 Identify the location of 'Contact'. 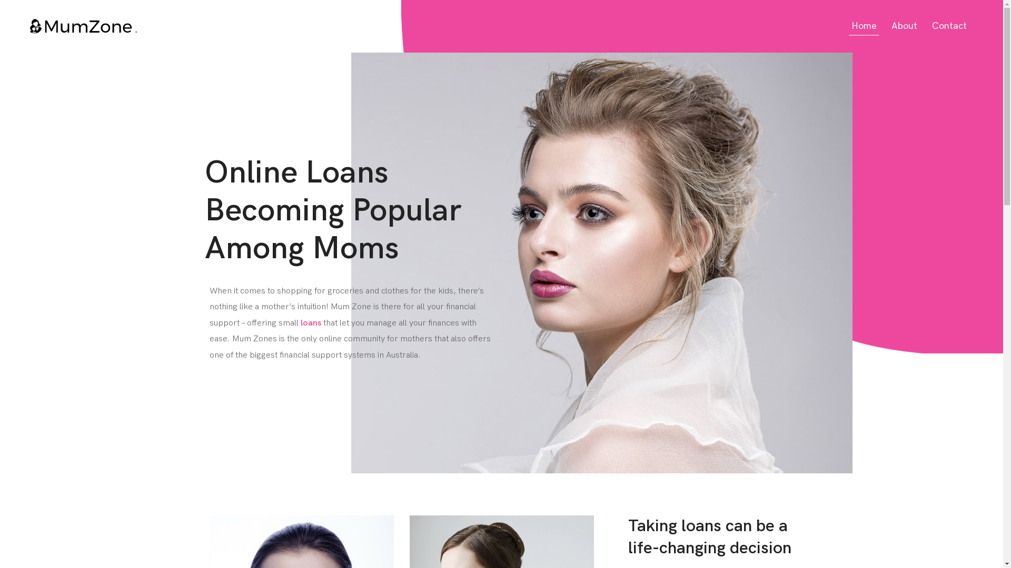
(949, 25).